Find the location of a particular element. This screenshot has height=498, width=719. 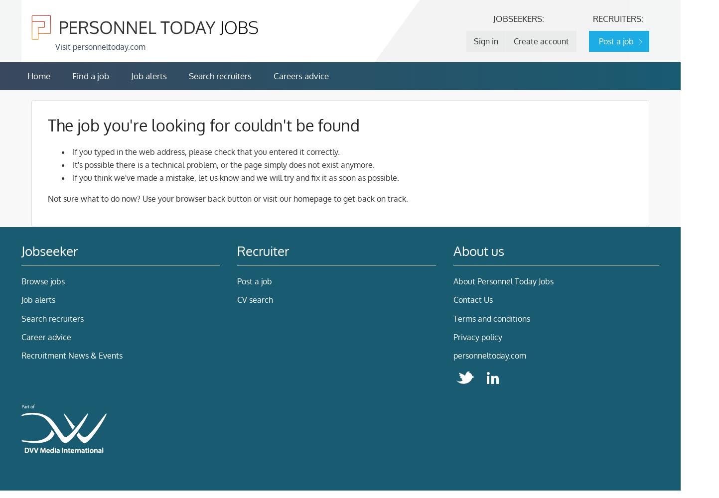

'visit our homepage' is located at coordinates (297, 199).